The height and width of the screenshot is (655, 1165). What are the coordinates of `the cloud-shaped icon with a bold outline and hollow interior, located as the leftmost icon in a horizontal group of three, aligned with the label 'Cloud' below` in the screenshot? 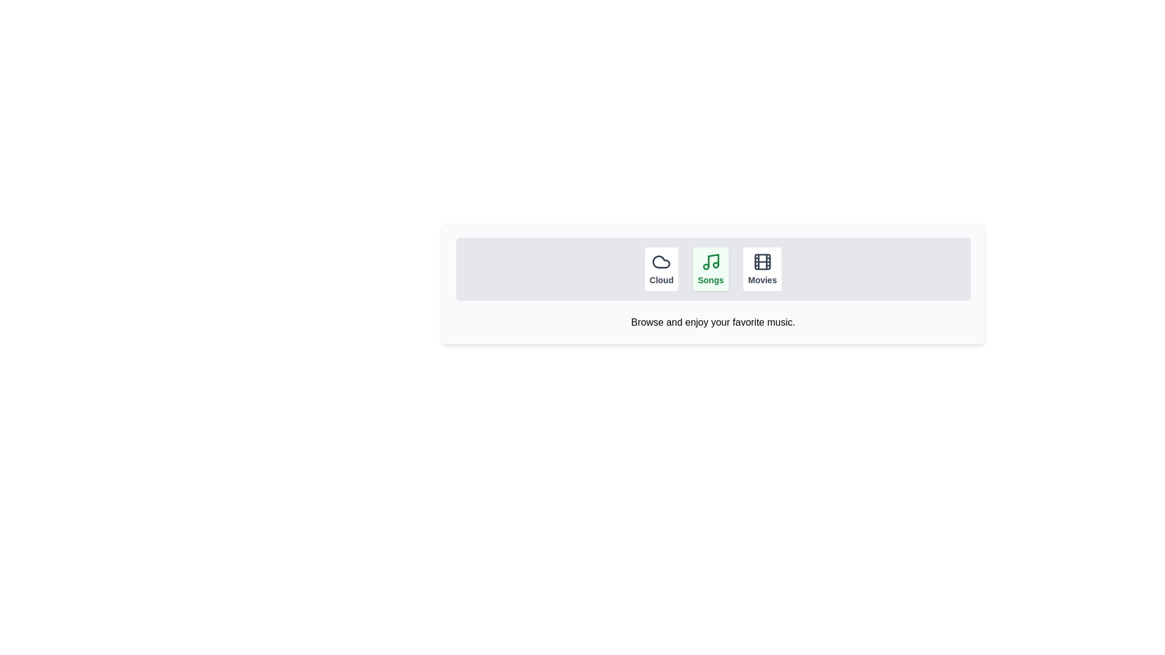 It's located at (661, 261).